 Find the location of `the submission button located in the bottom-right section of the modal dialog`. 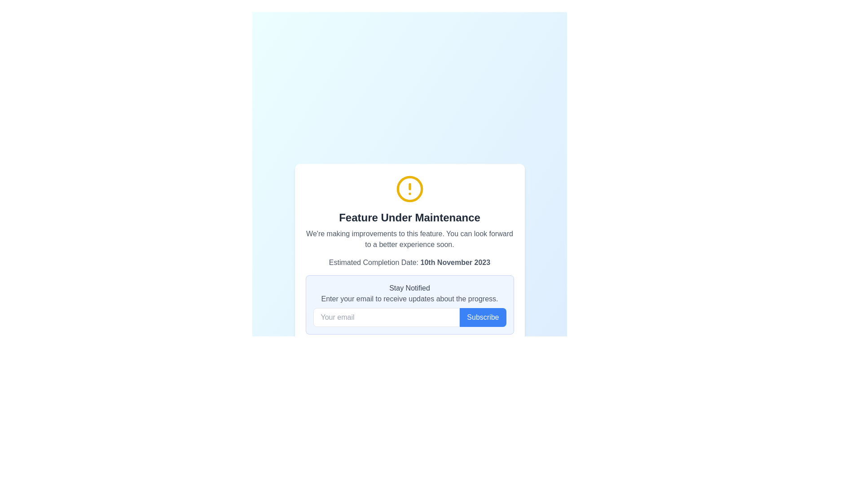

the submission button located in the bottom-right section of the modal dialog is located at coordinates (482, 317).